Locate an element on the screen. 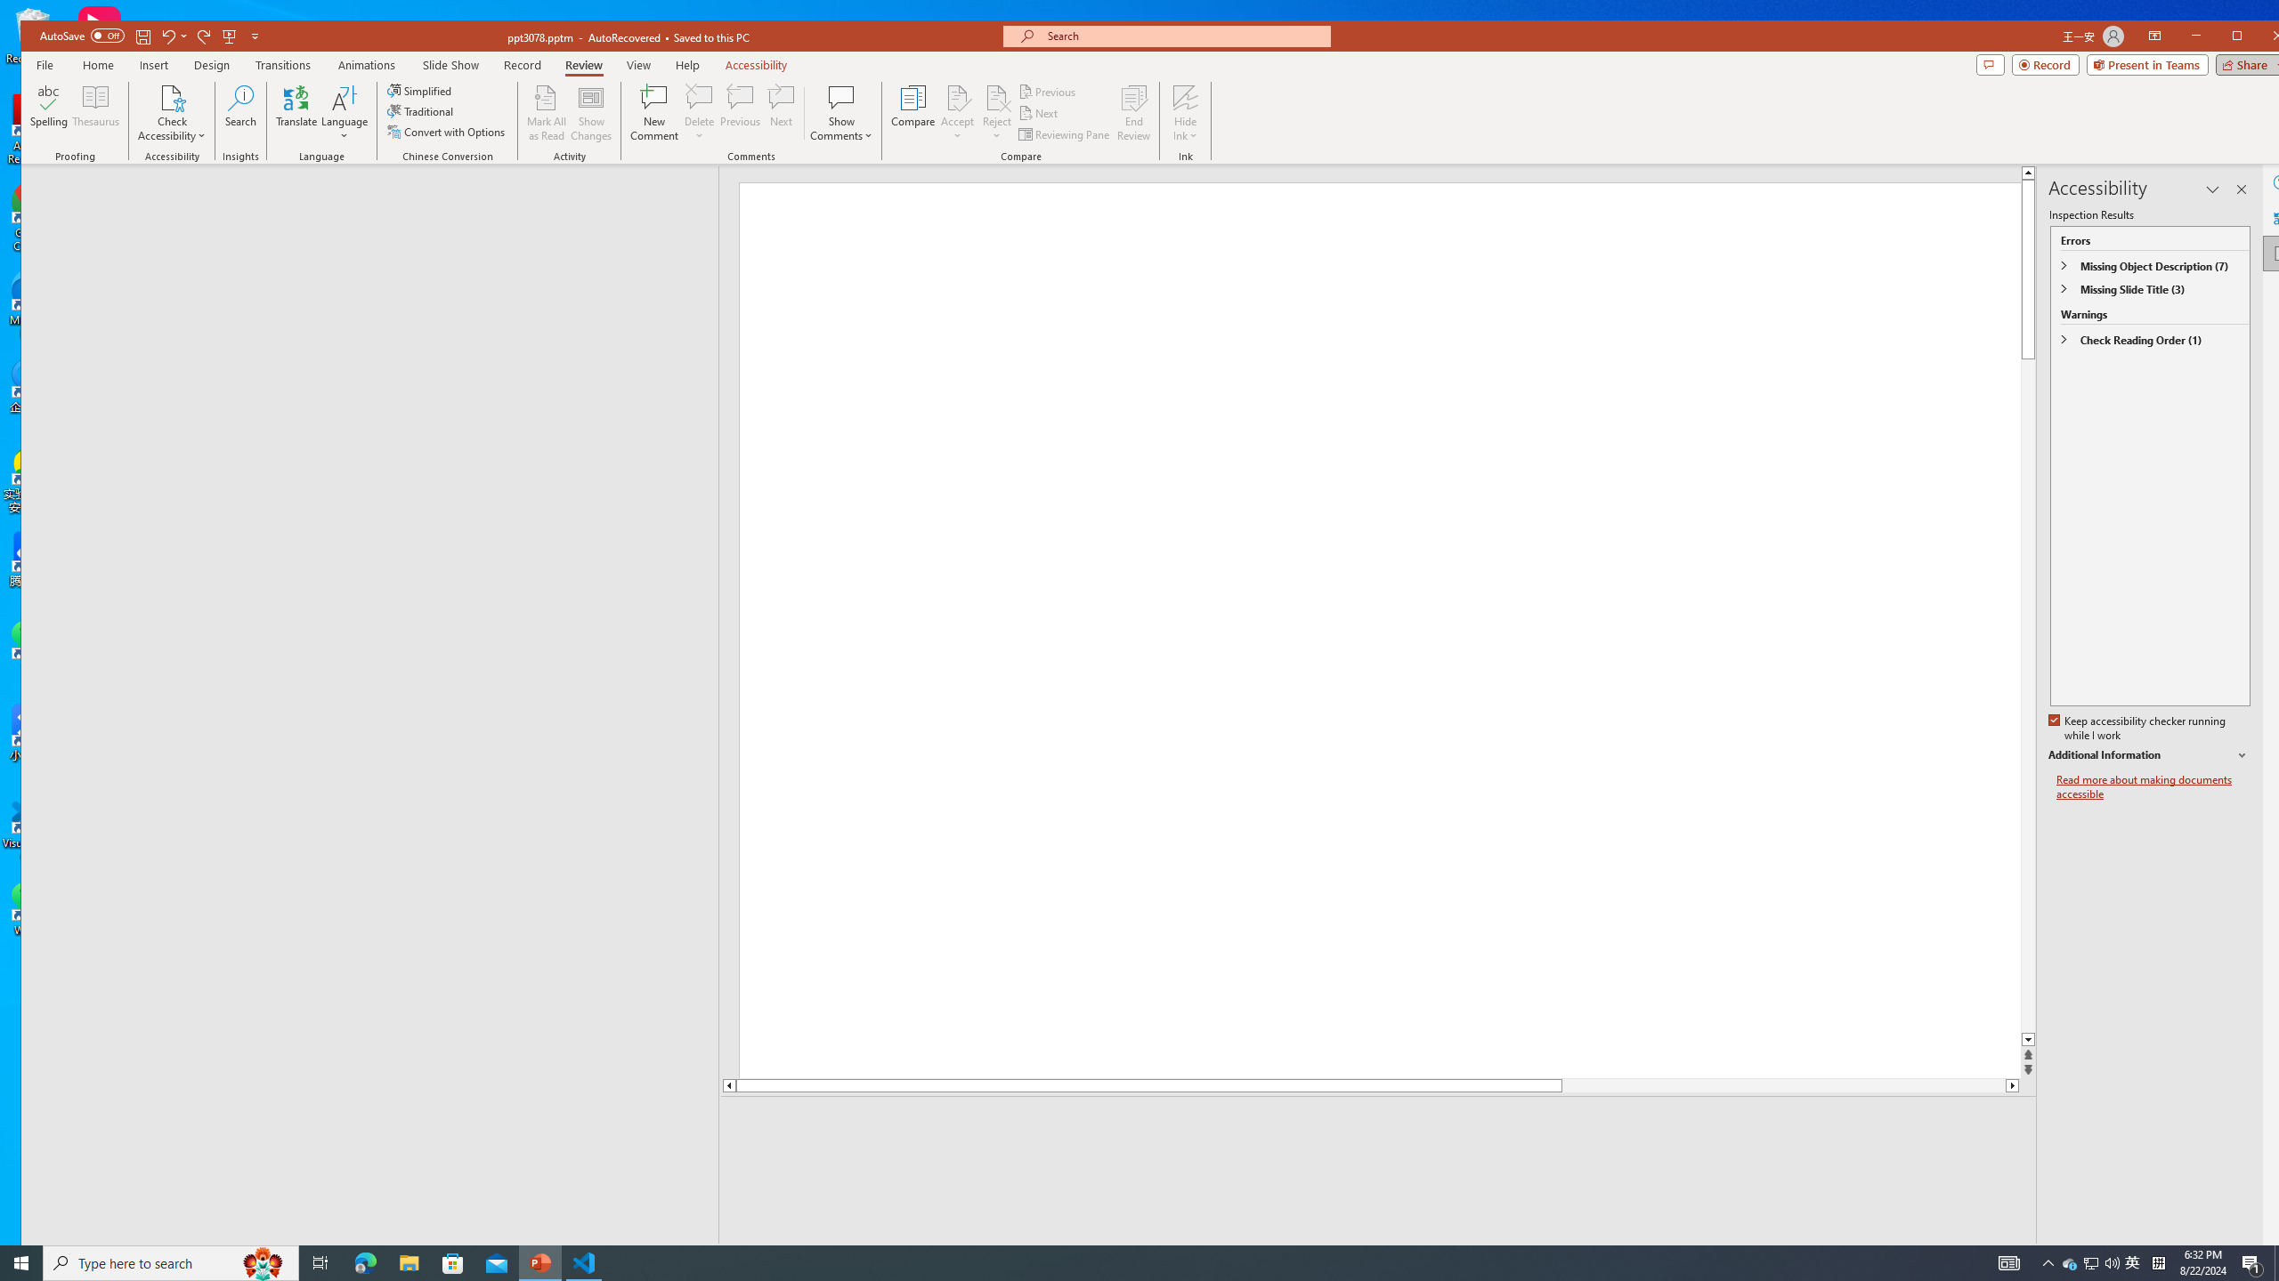 This screenshot has width=2279, height=1281. 'Traditional' is located at coordinates (421, 111).